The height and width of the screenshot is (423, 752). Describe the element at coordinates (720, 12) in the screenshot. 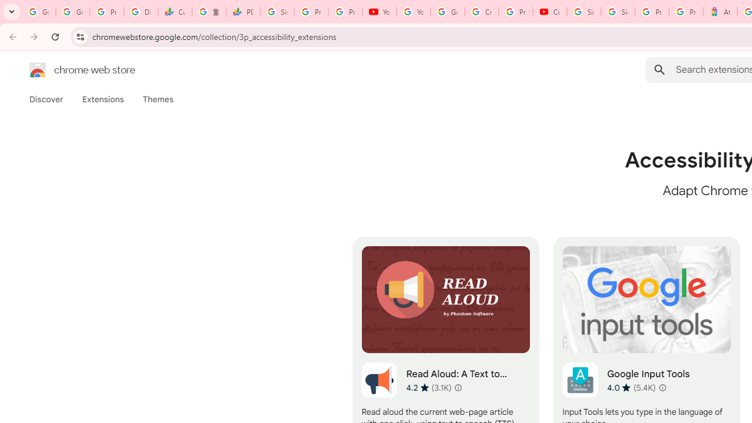

I see `'Atour Hotel - Google hotels'` at that location.